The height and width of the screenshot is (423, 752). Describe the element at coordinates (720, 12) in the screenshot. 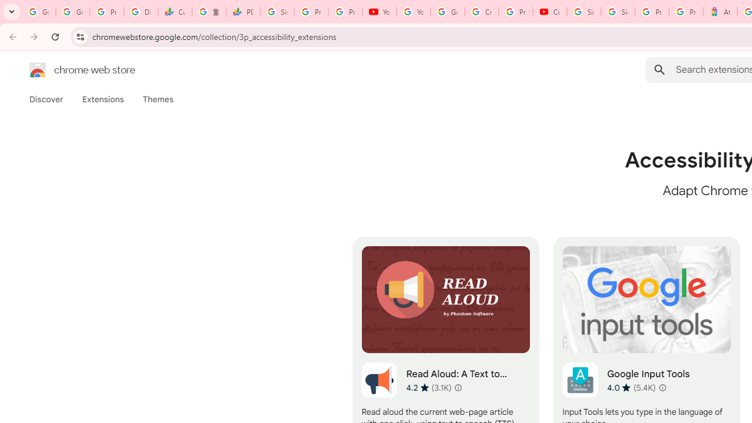

I see `'Atour Hotel - Google hotels'` at that location.